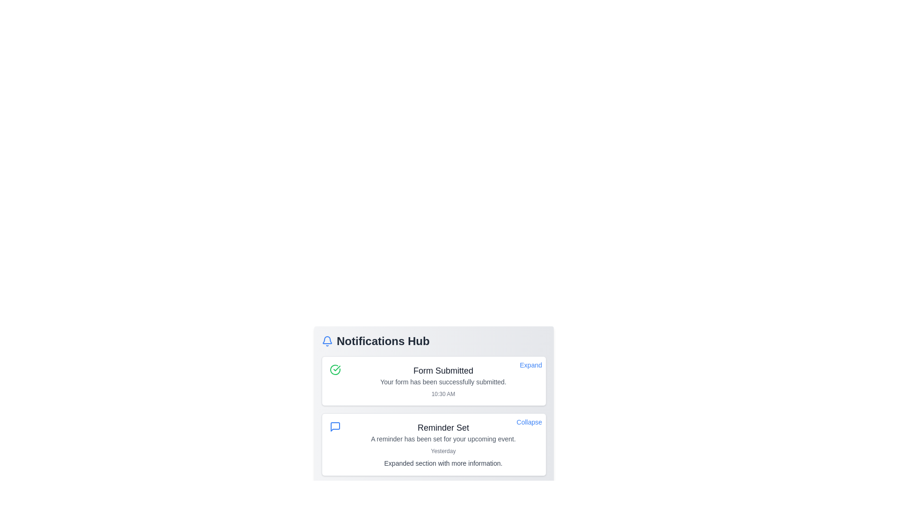  Describe the element at coordinates (531, 364) in the screenshot. I see `the blue 'Expand' text link located in the top-right corner of the notification card` at that location.